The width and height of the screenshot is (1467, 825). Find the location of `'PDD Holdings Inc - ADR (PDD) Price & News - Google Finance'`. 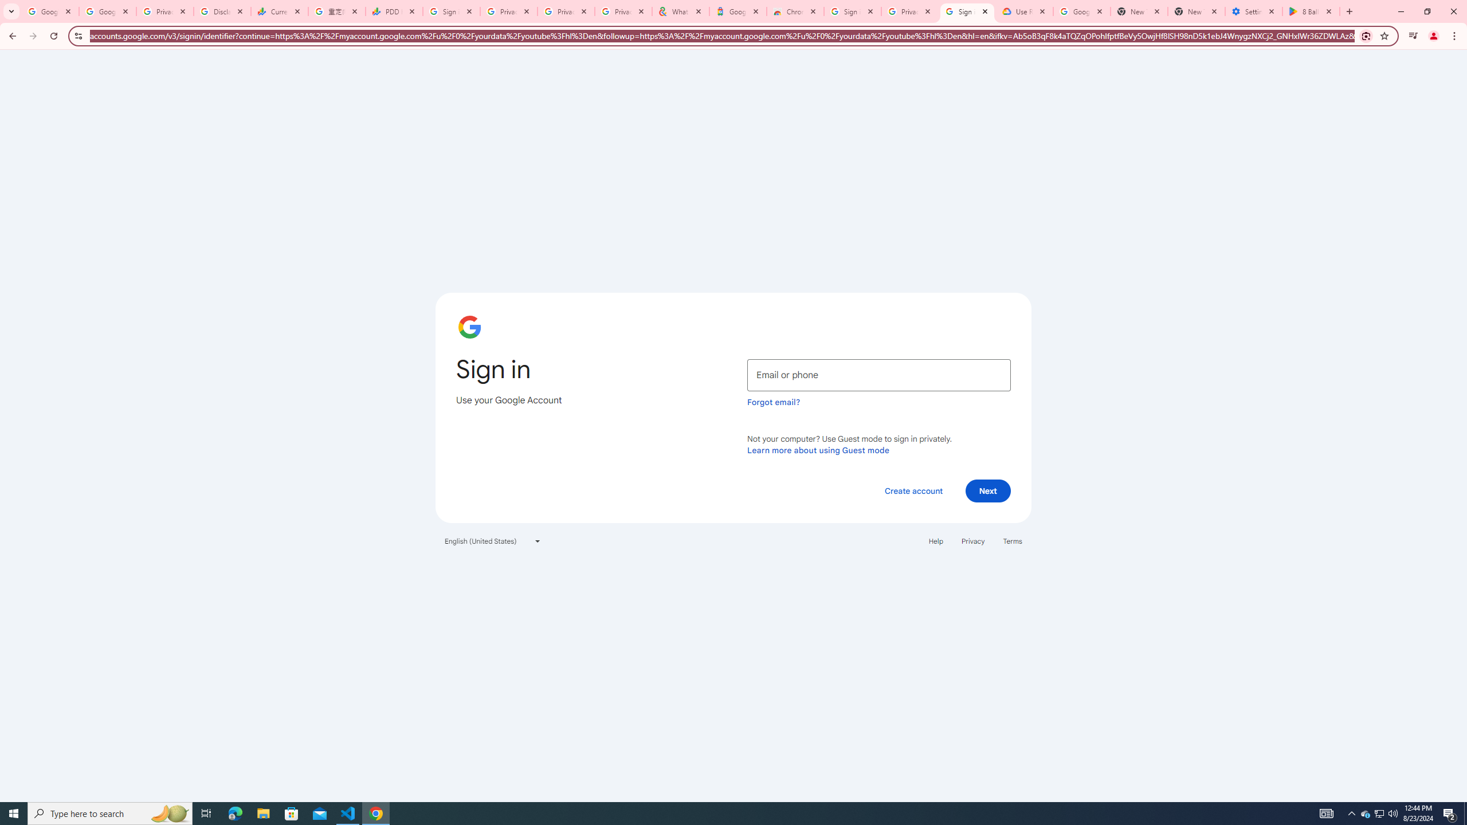

'PDD Holdings Inc - ADR (PDD) Price & News - Google Finance' is located at coordinates (394, 11).